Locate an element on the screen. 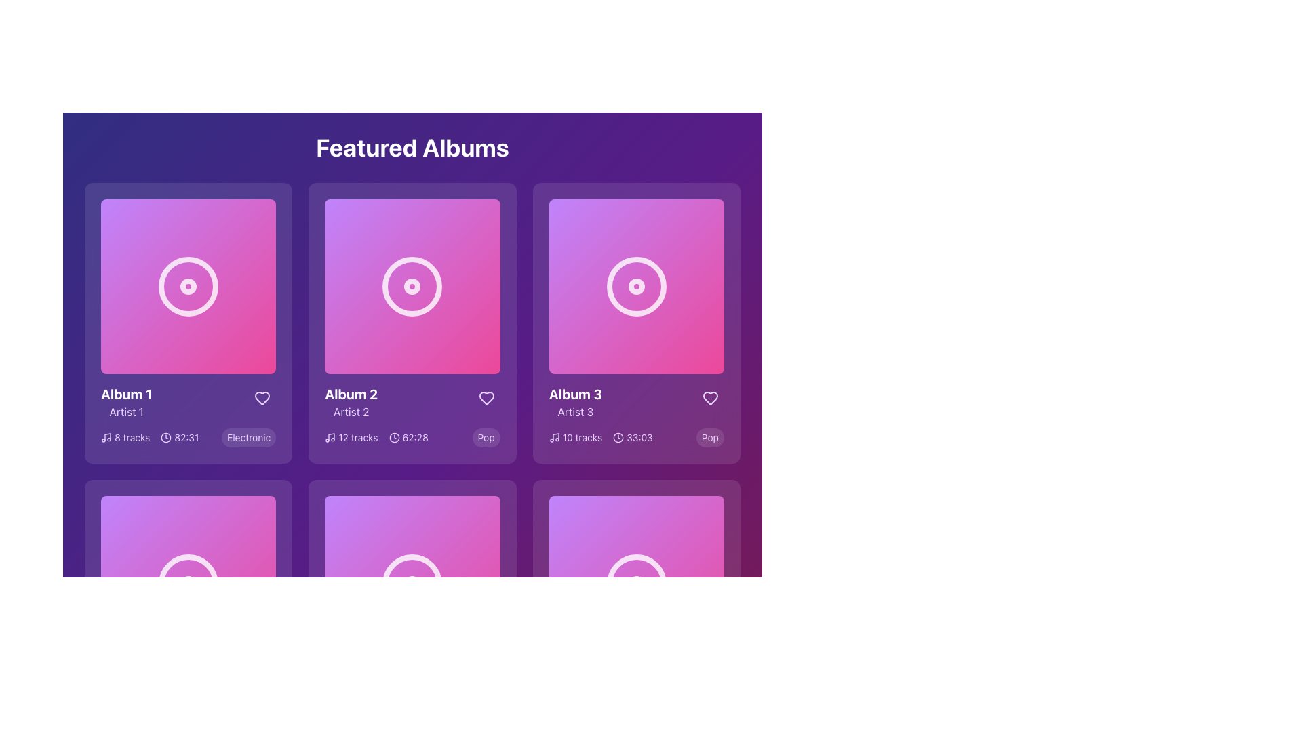  the text label 'Artist 2' which appears in light purple on a dark purple background, located under the 'Album 2' title in the second tile of the 'Featured Albums' section is located at coordinates (351, 411).